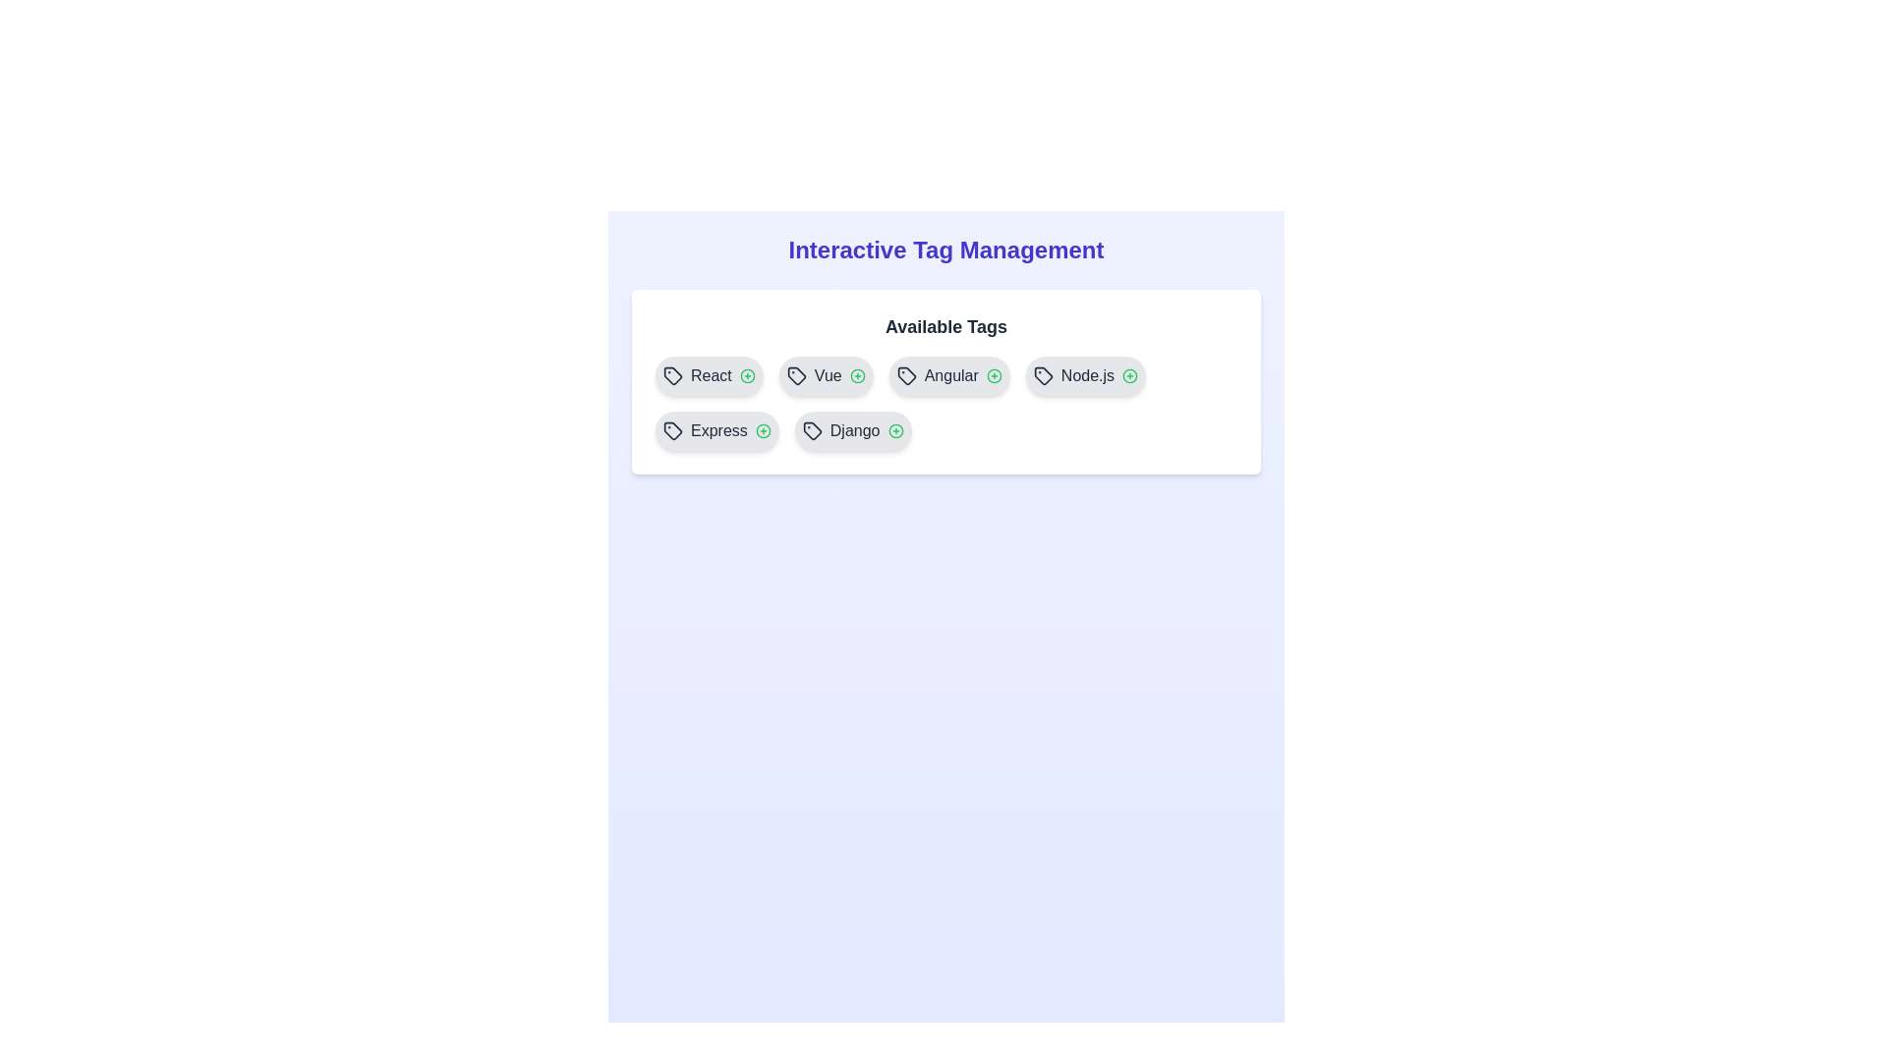  I want to click on the first button labeled 'React' in the 'Available Tags' section, so click(708, 375).